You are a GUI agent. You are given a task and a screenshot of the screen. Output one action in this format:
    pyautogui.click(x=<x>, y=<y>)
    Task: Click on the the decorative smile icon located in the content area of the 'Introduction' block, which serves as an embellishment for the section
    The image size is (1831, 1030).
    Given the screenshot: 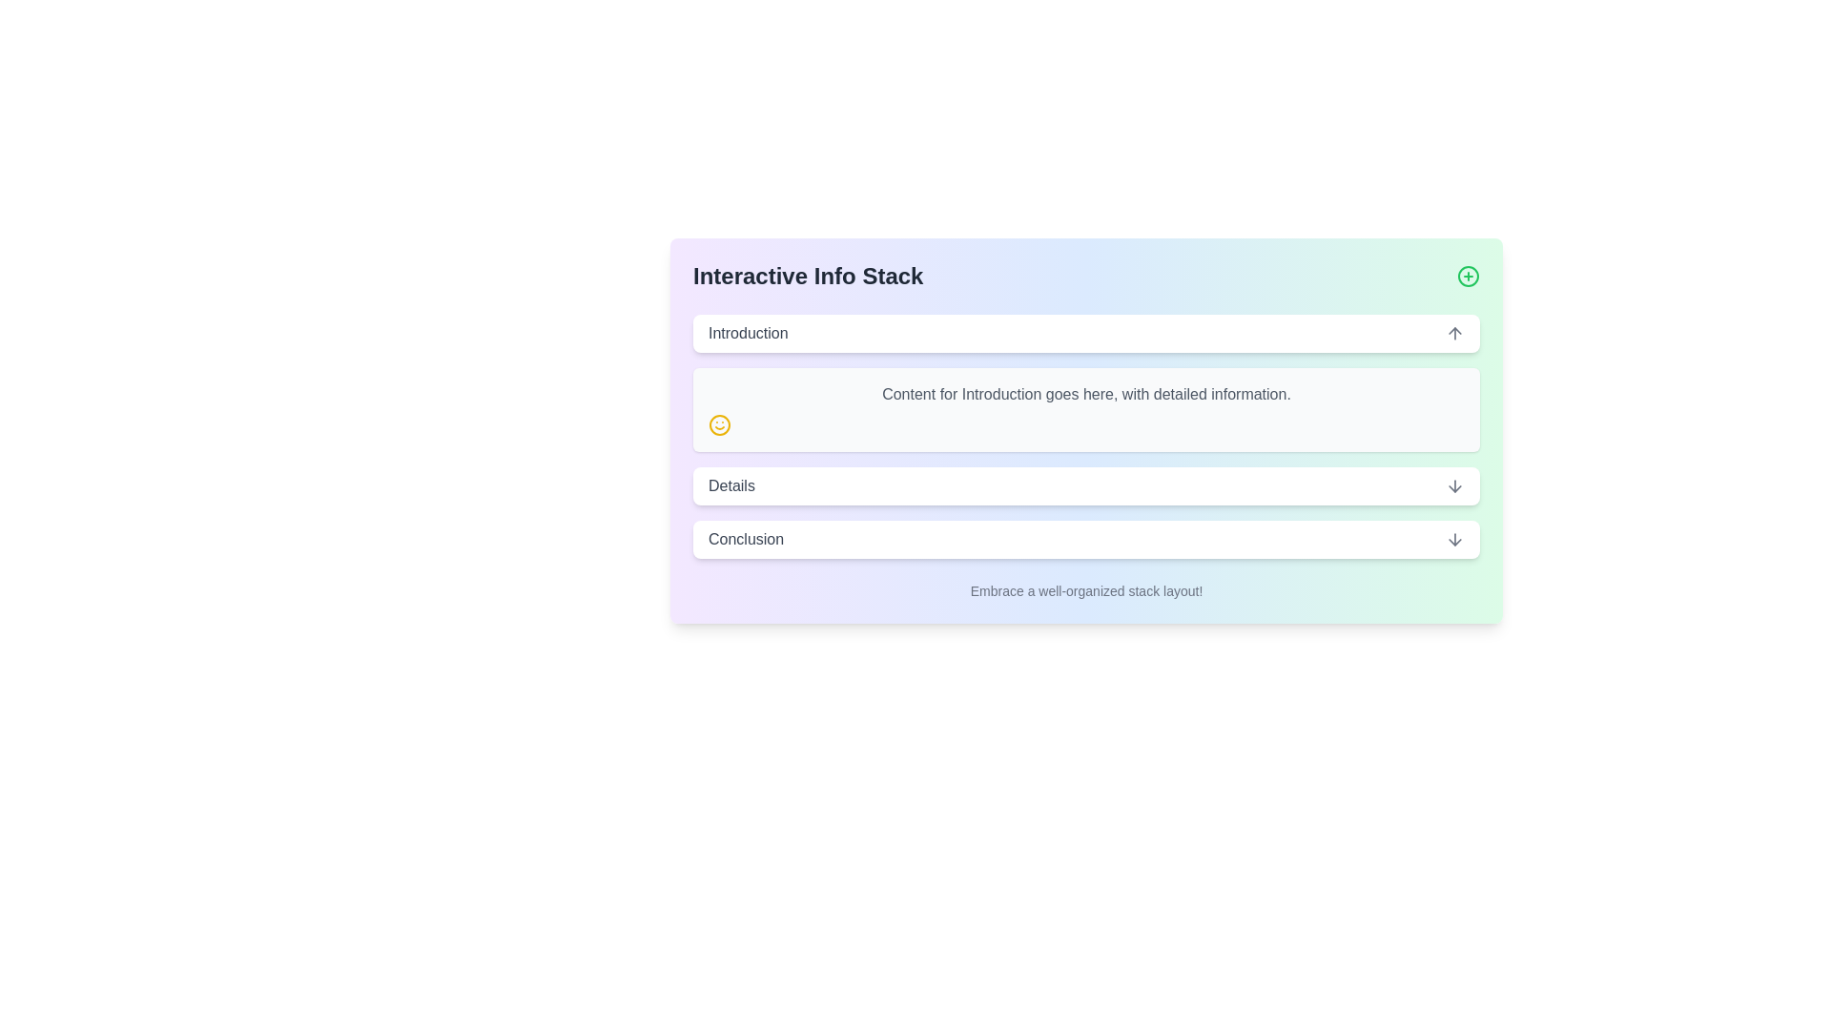 What is the action you would take?
    pyautogui.click(x=718, y=424)
    